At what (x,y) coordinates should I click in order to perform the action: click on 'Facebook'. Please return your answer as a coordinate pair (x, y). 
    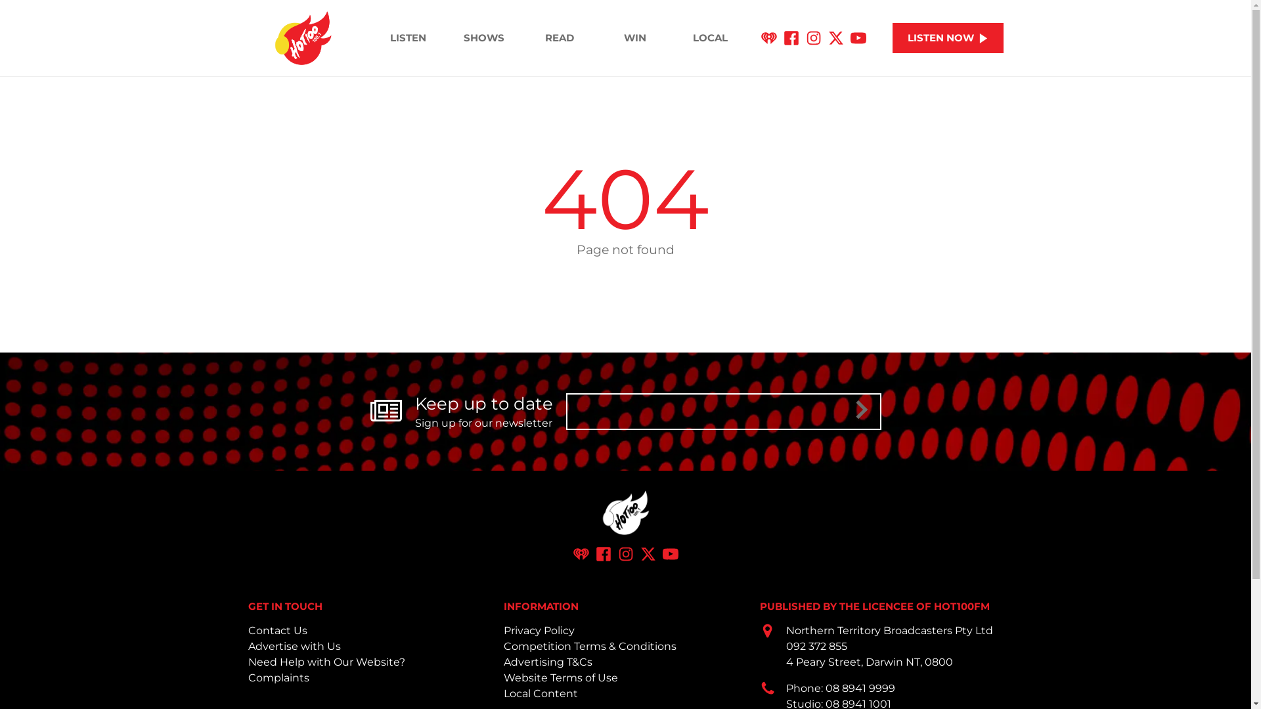
    Looking at the image, I should click on (594, 553).